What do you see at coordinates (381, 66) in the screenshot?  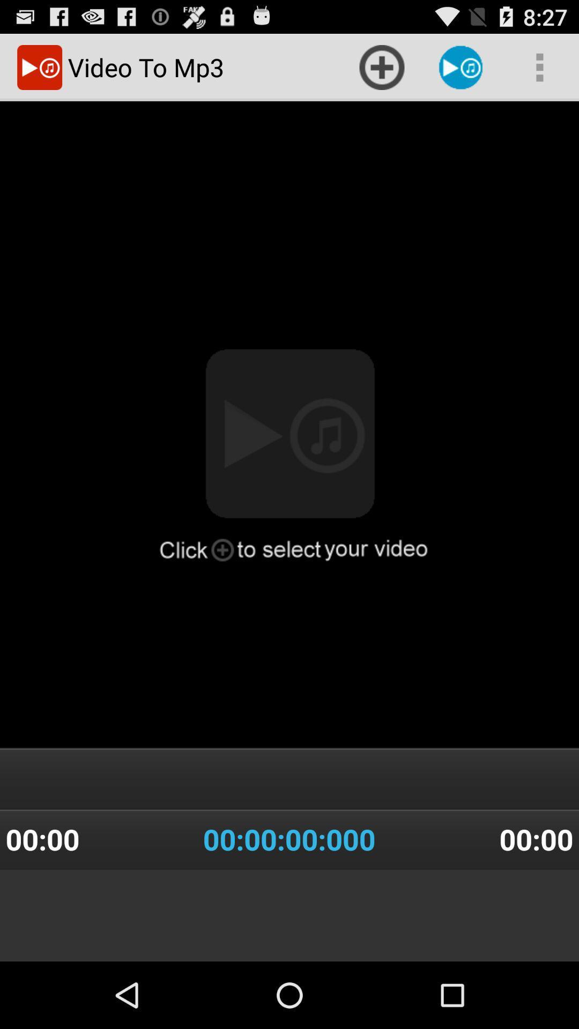 I see `the icon next to the video to mp3` at bounding box center [381, 66].